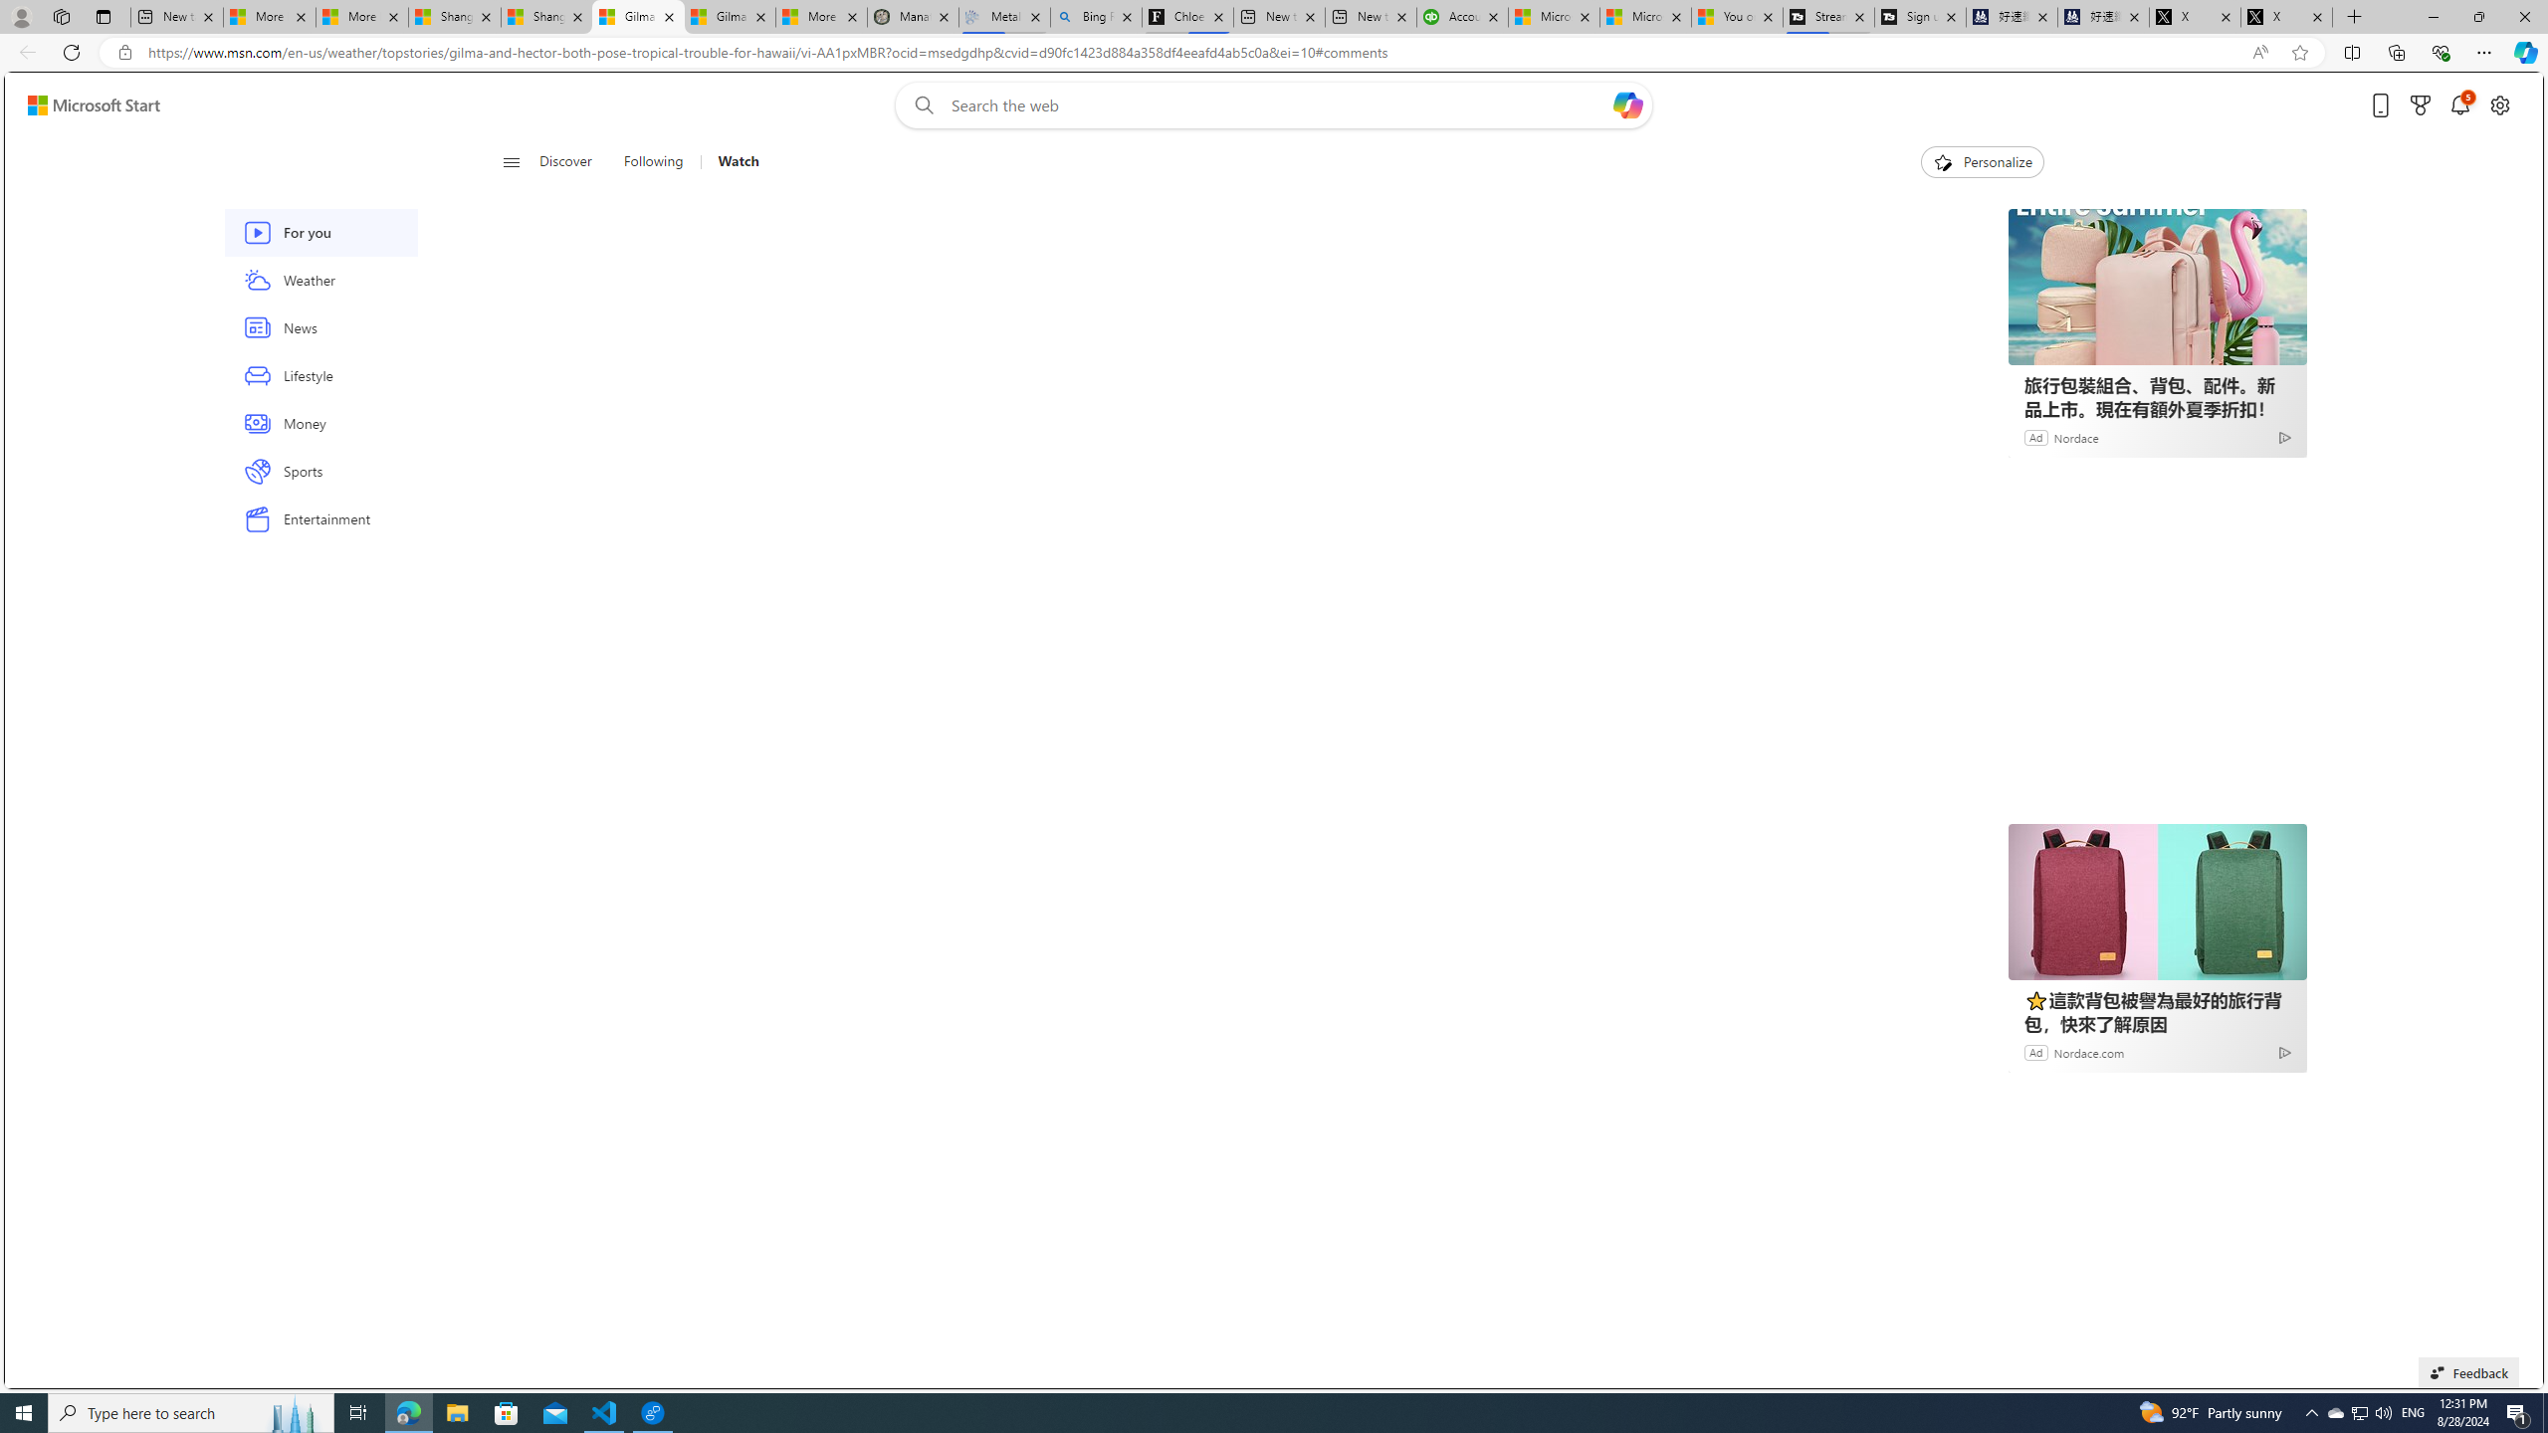 The height and width of the screenshot is (1433, 2548). I want to click on 'Watch', so click(730, 161).